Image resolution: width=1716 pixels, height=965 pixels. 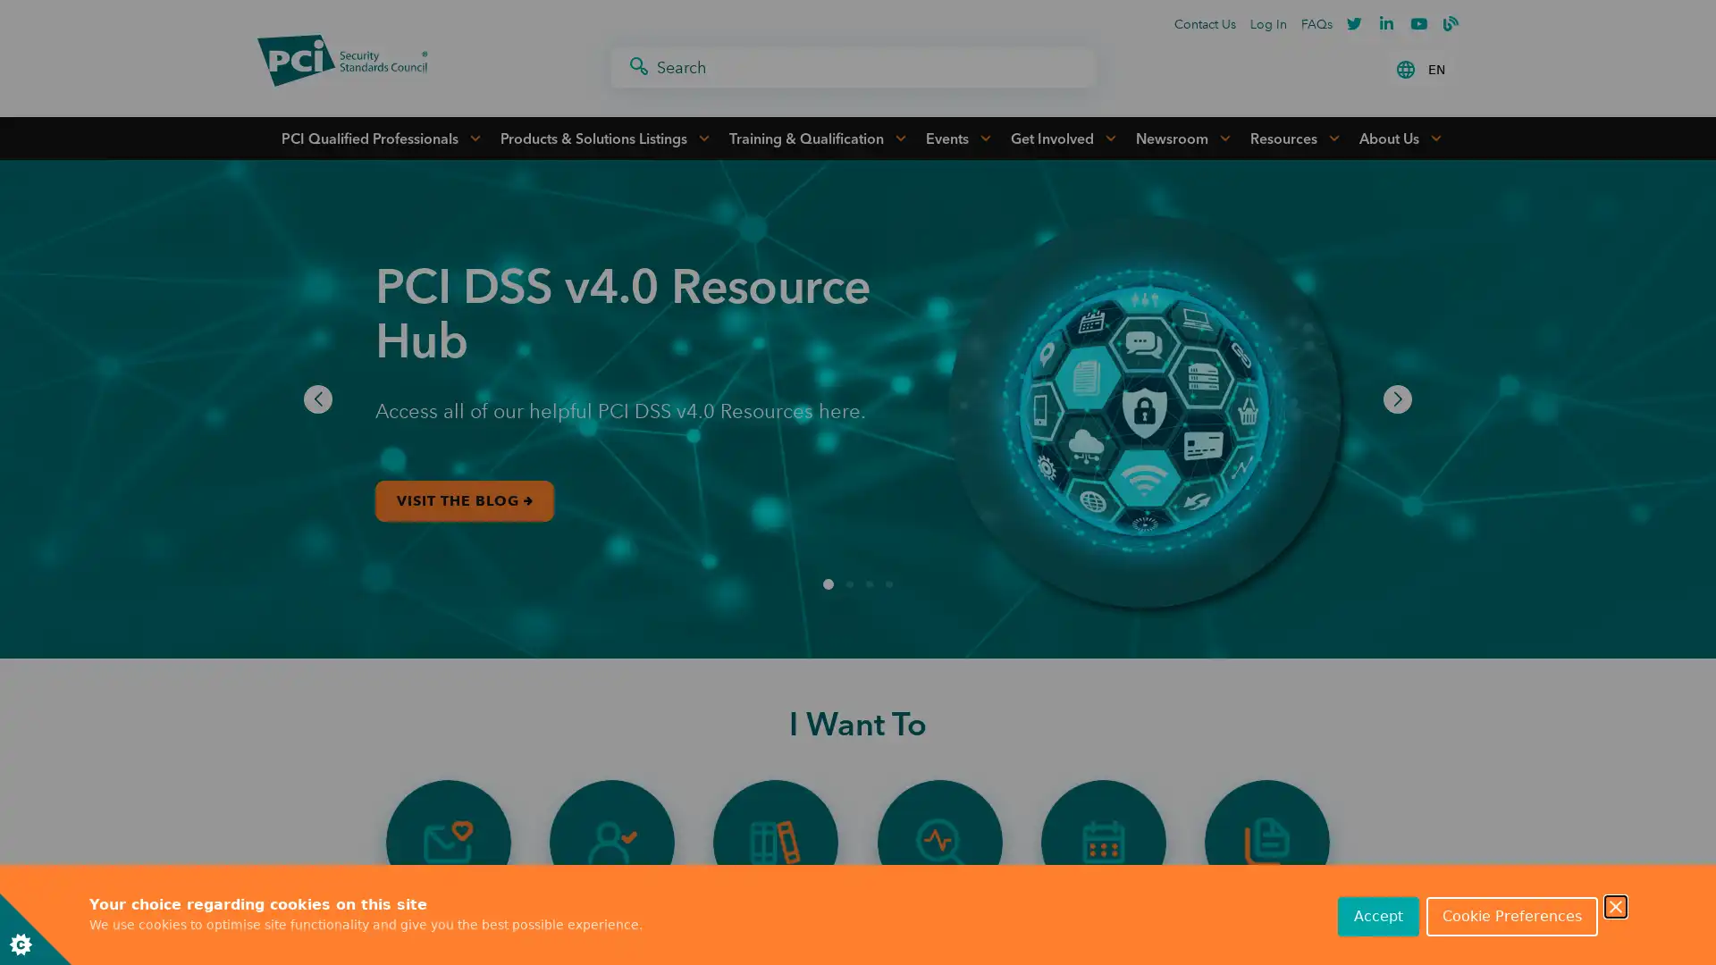 I want to click on Linkedin-in, so click(x=1385, y=22).